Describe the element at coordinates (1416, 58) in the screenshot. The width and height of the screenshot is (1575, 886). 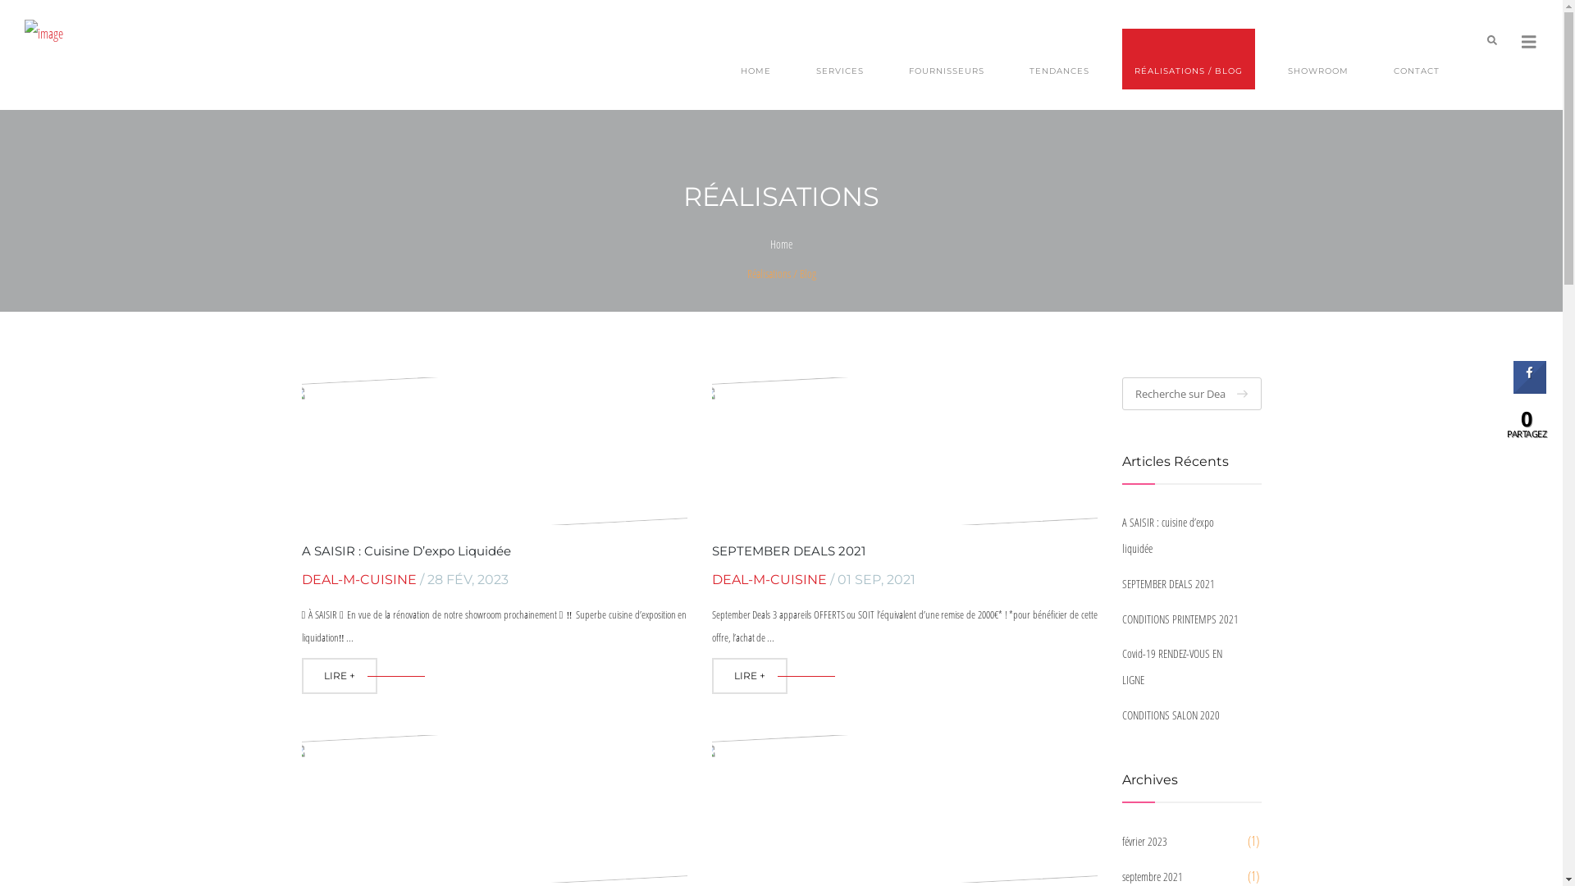
I see `'CONTACT'` at that location.